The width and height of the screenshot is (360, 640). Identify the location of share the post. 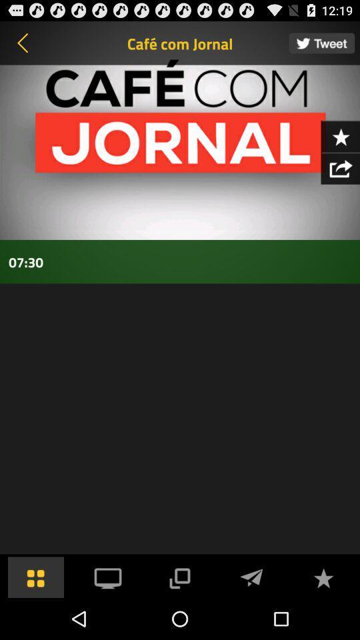
(179, 576).